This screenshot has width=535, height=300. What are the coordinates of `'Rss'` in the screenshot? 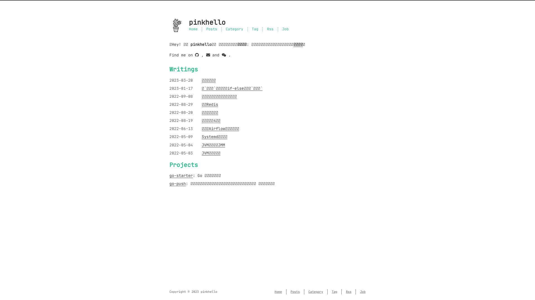 It's located at (267, 29).